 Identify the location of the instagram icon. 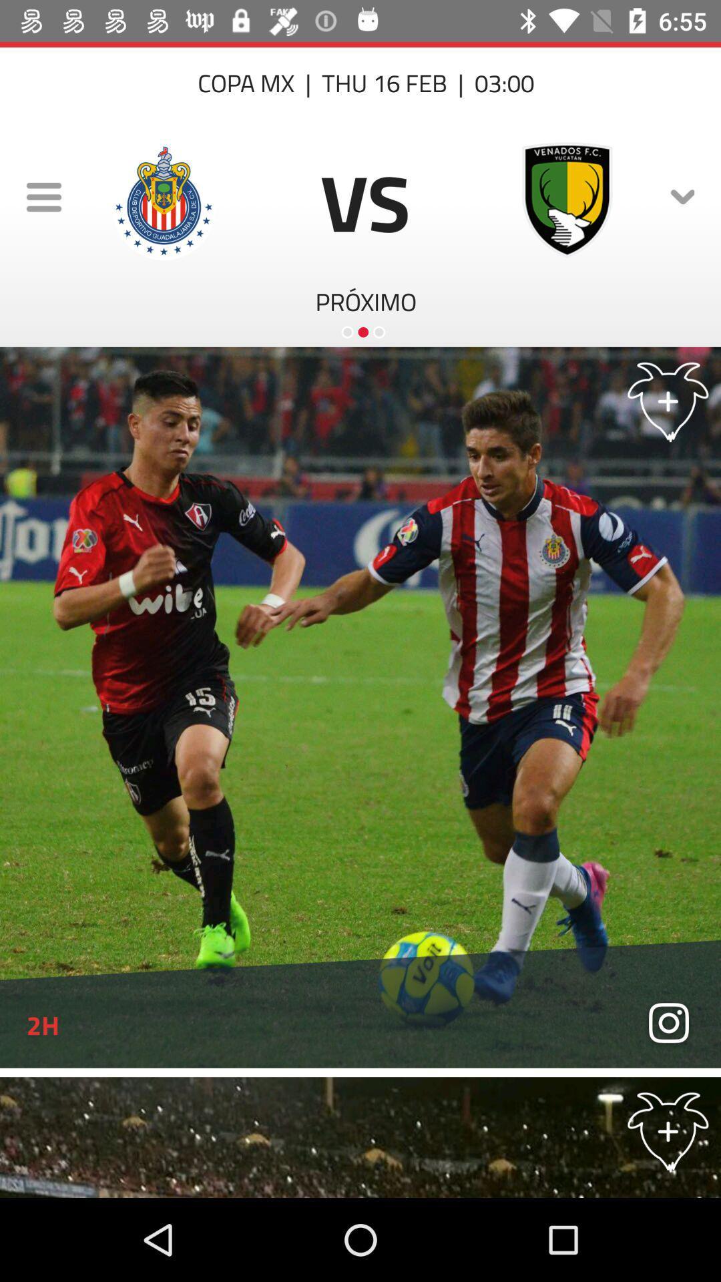
(669, 1024).